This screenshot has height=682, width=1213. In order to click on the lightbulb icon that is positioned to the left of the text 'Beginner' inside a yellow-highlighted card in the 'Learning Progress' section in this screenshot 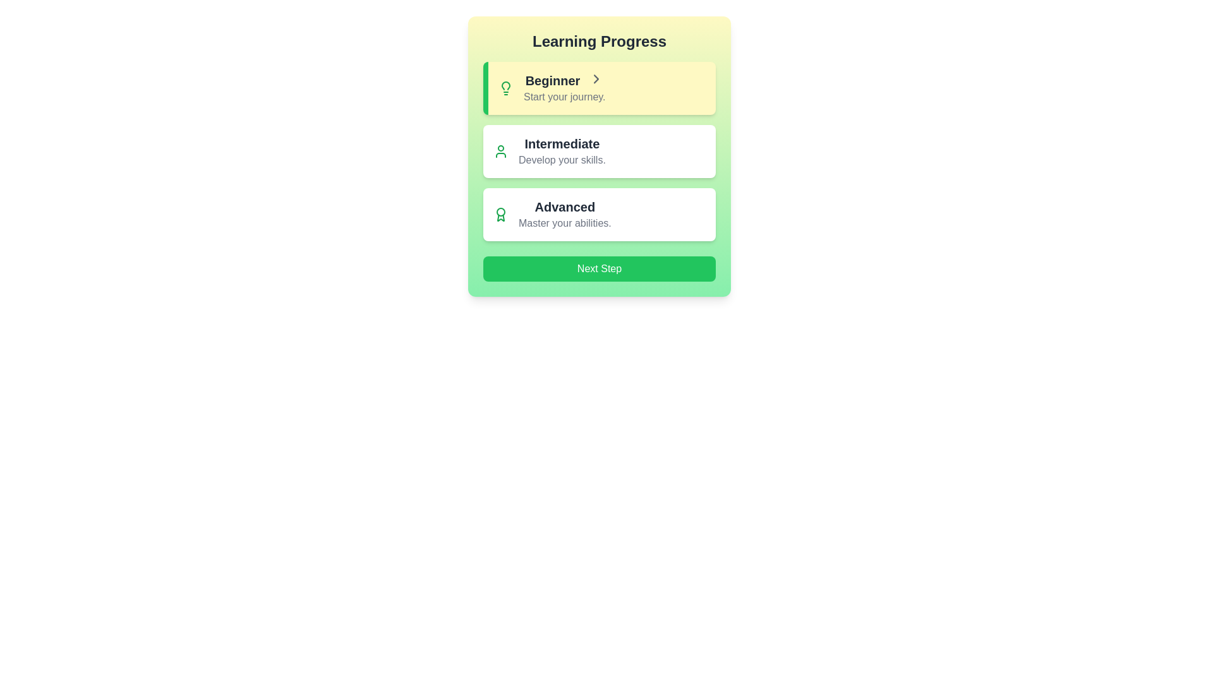, I will do `click(506, 87)`.